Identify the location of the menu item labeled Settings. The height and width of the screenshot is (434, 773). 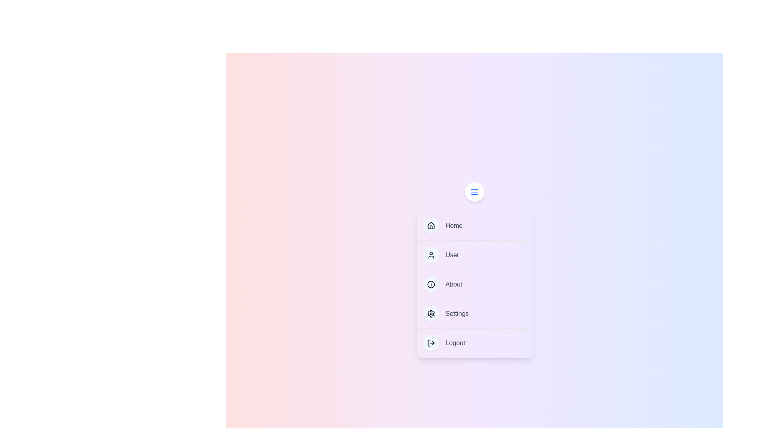
(474, 313).